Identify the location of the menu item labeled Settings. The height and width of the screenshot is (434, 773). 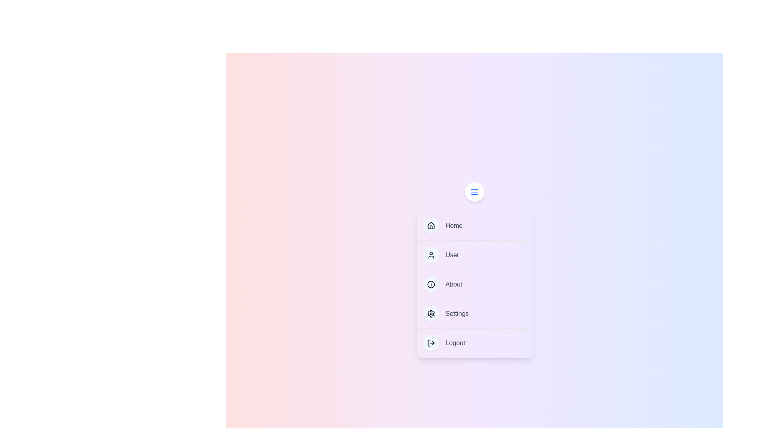
(474, 313).